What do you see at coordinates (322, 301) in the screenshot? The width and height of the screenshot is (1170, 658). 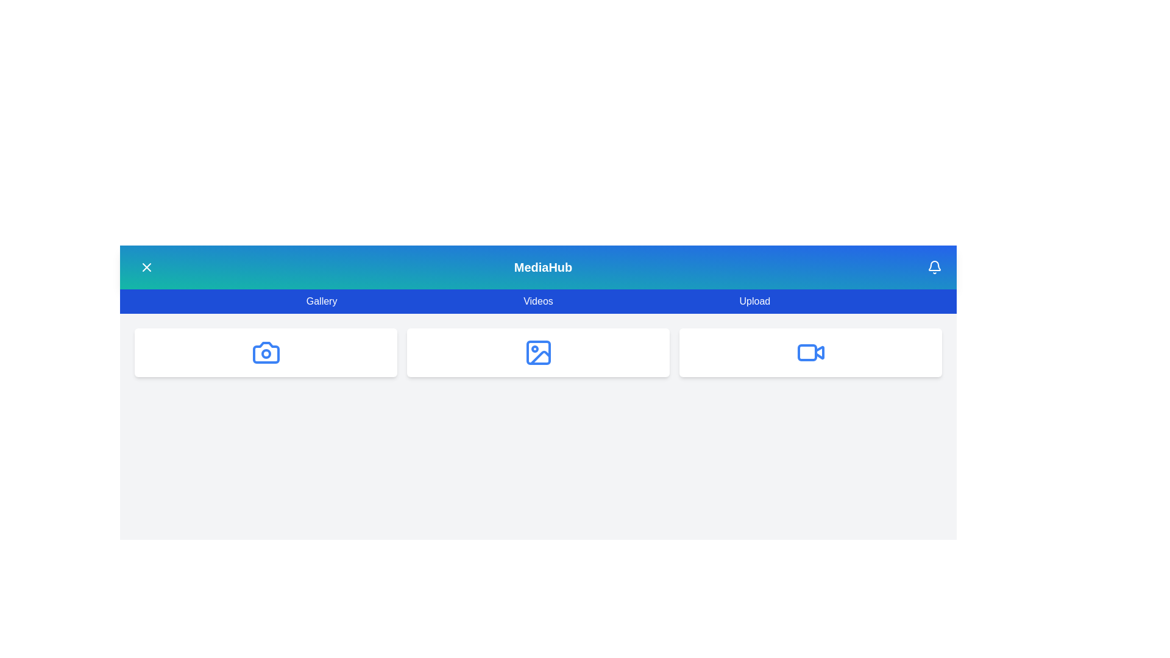 I see `the 'Gallery' link in the navigation bar` at bounding box center [322, 301].